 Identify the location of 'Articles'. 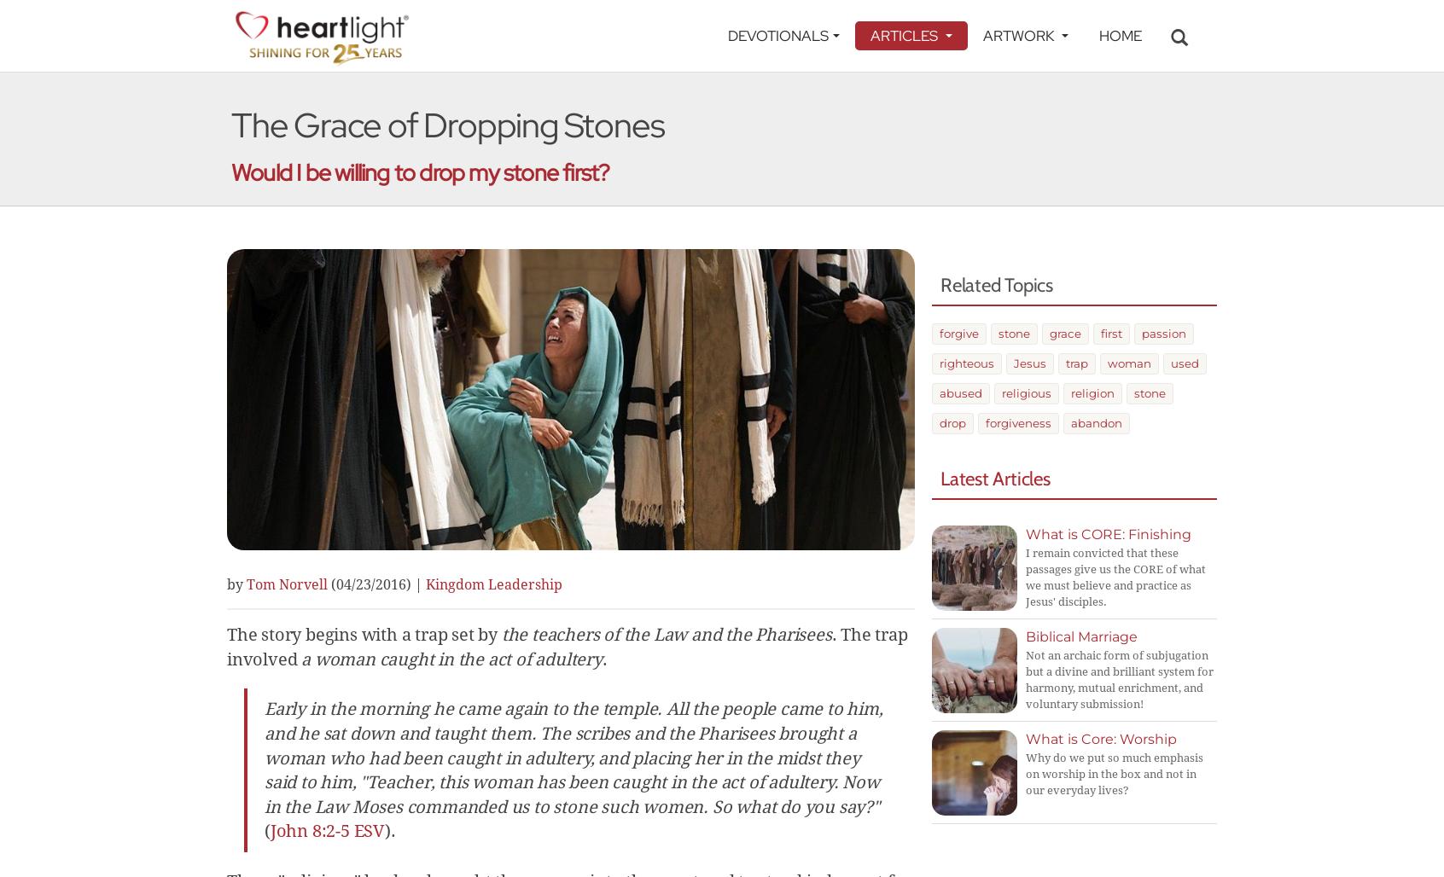
(905, 35).